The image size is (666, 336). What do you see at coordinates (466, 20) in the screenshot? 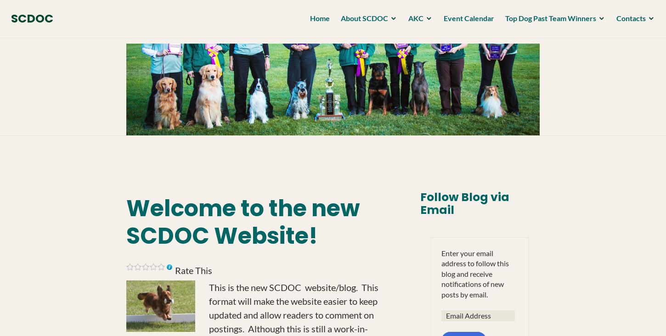
I see `'Event Calendar'` at bounding box center [466, 20].